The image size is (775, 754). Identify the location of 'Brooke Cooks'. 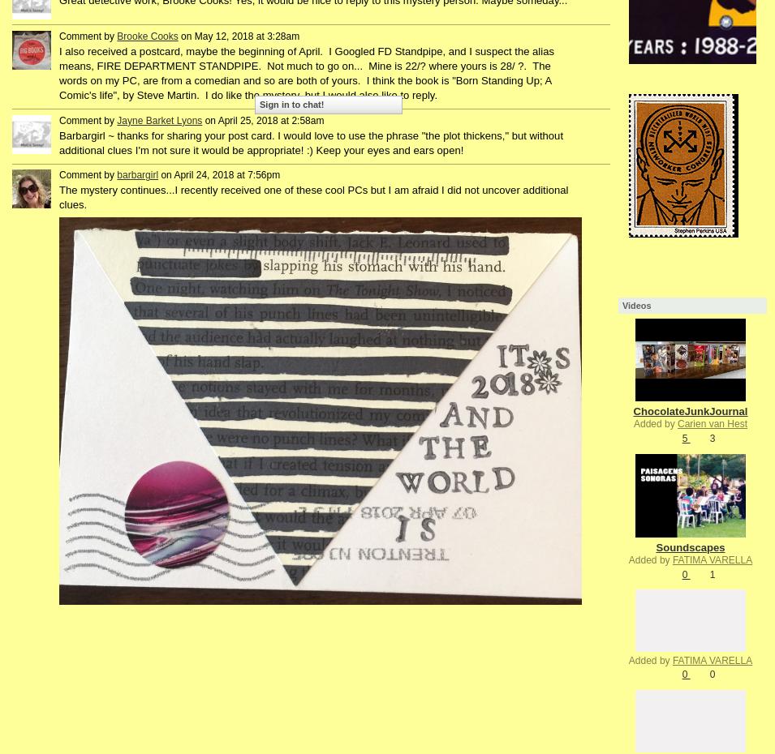
(116, 34).